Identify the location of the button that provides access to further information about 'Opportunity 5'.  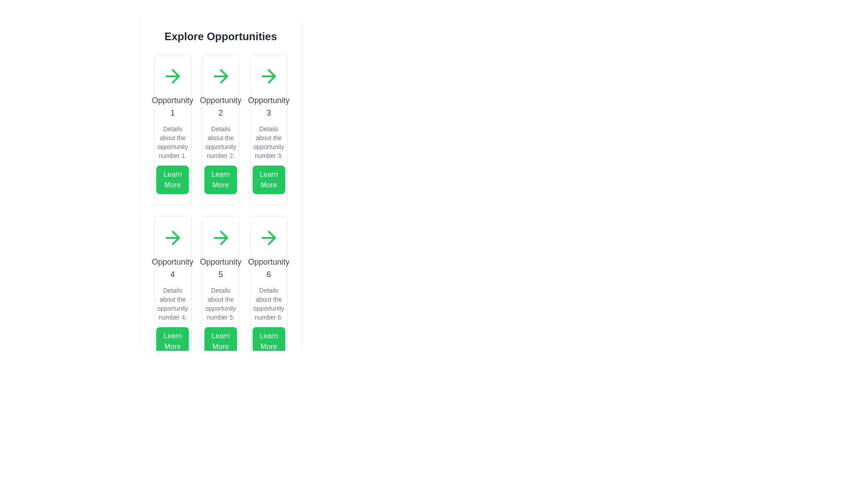
(220, 341).